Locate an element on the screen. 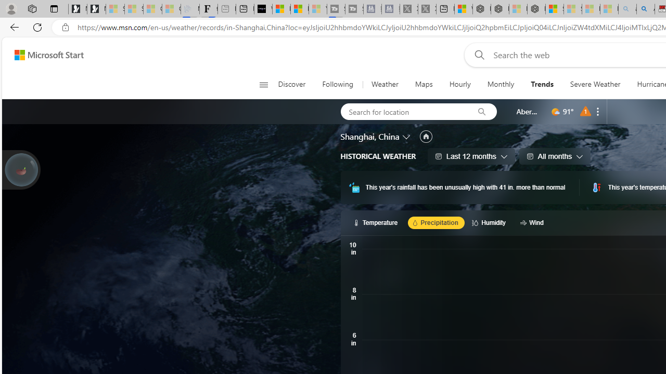 The width and height of the screenshot is (666, 374). 'Set as primary location' is located at coordinates (426, 136).